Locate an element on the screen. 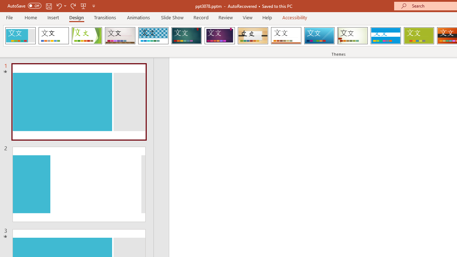 Image resolution: width=457 pixels, height=257 pixels. 'Banded' is located at coordinates (385, 36).